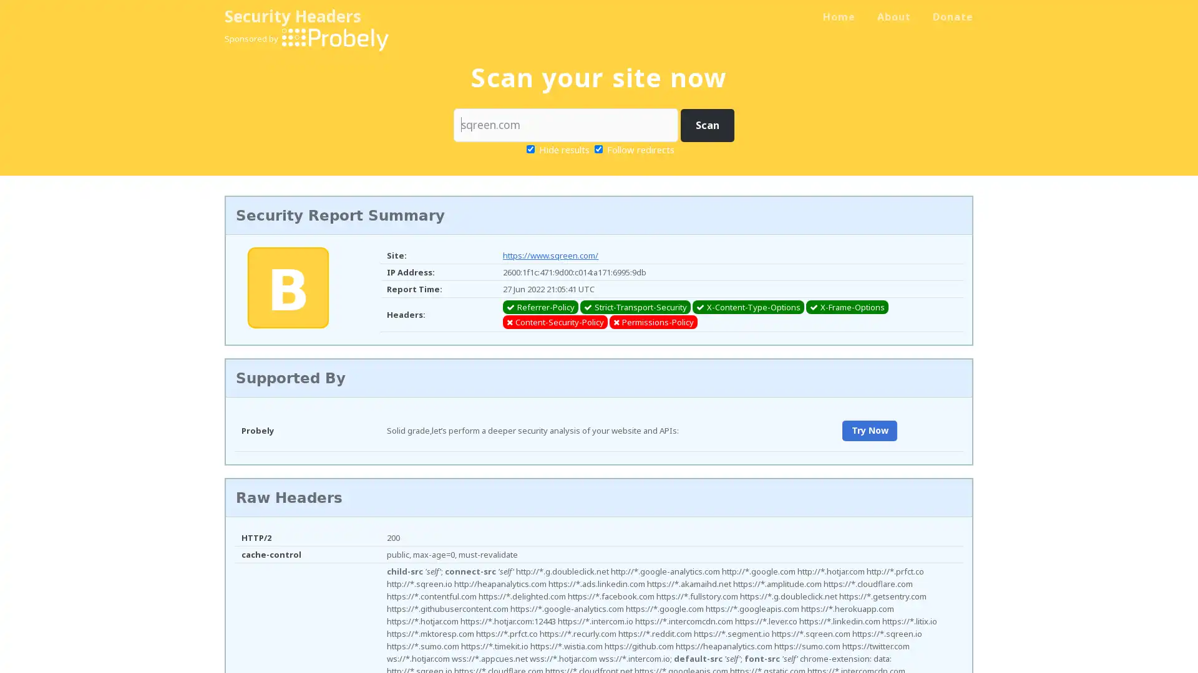  Describe the element at coordinates (869, 430) in the screenshot. I see `Try Now` at that location.